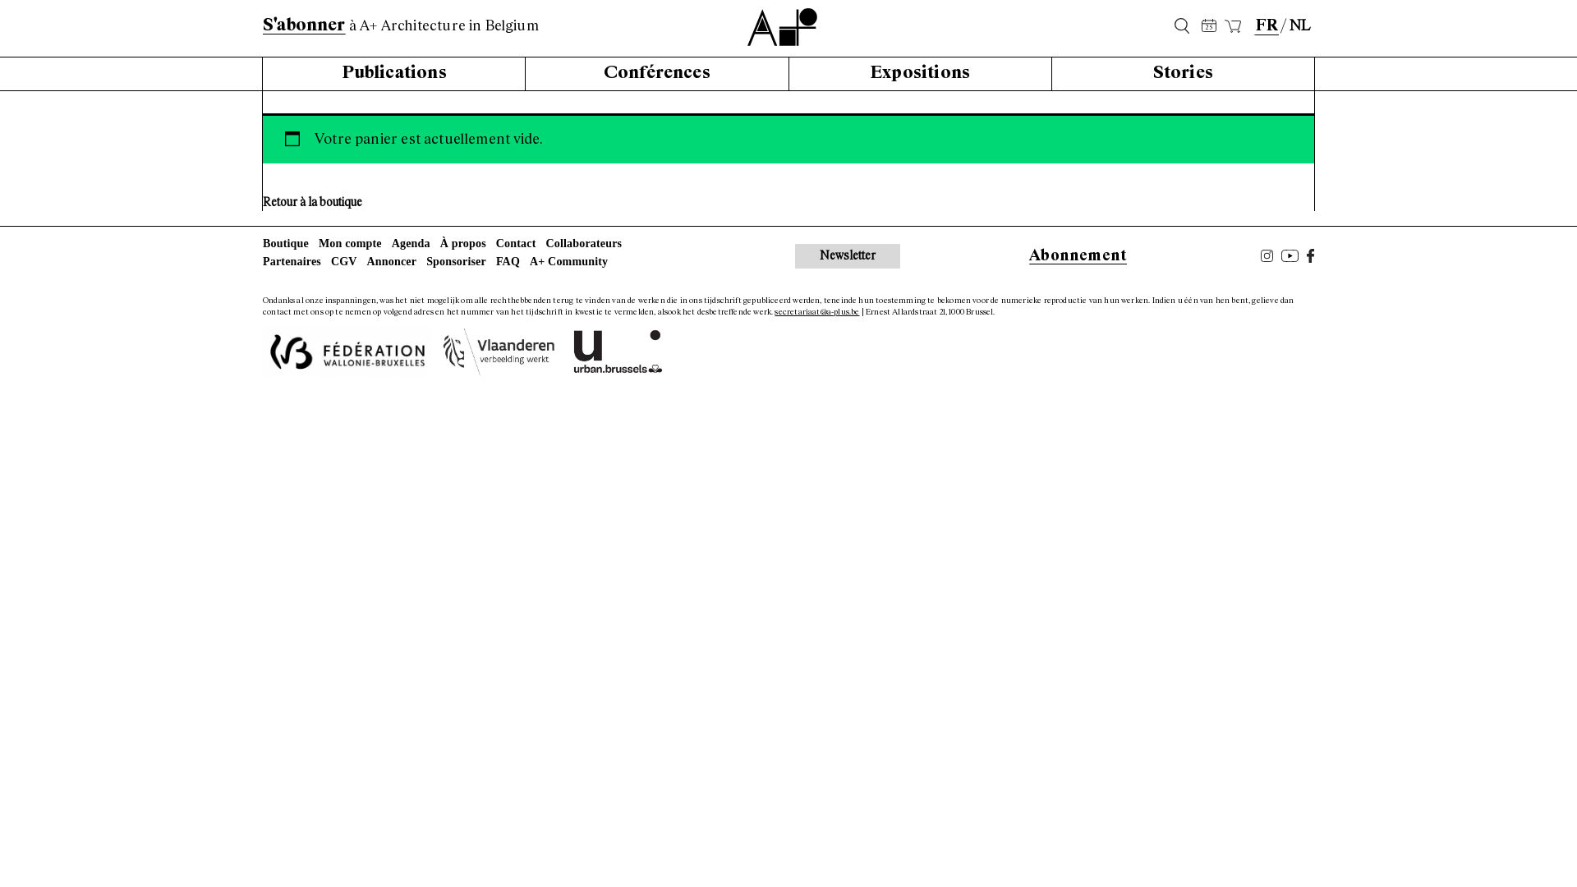 This screenshot has height=887, width=1577. Describe the element at coordinates (292, 260) in the screenshot. I see `'Partenaires'` at that location.